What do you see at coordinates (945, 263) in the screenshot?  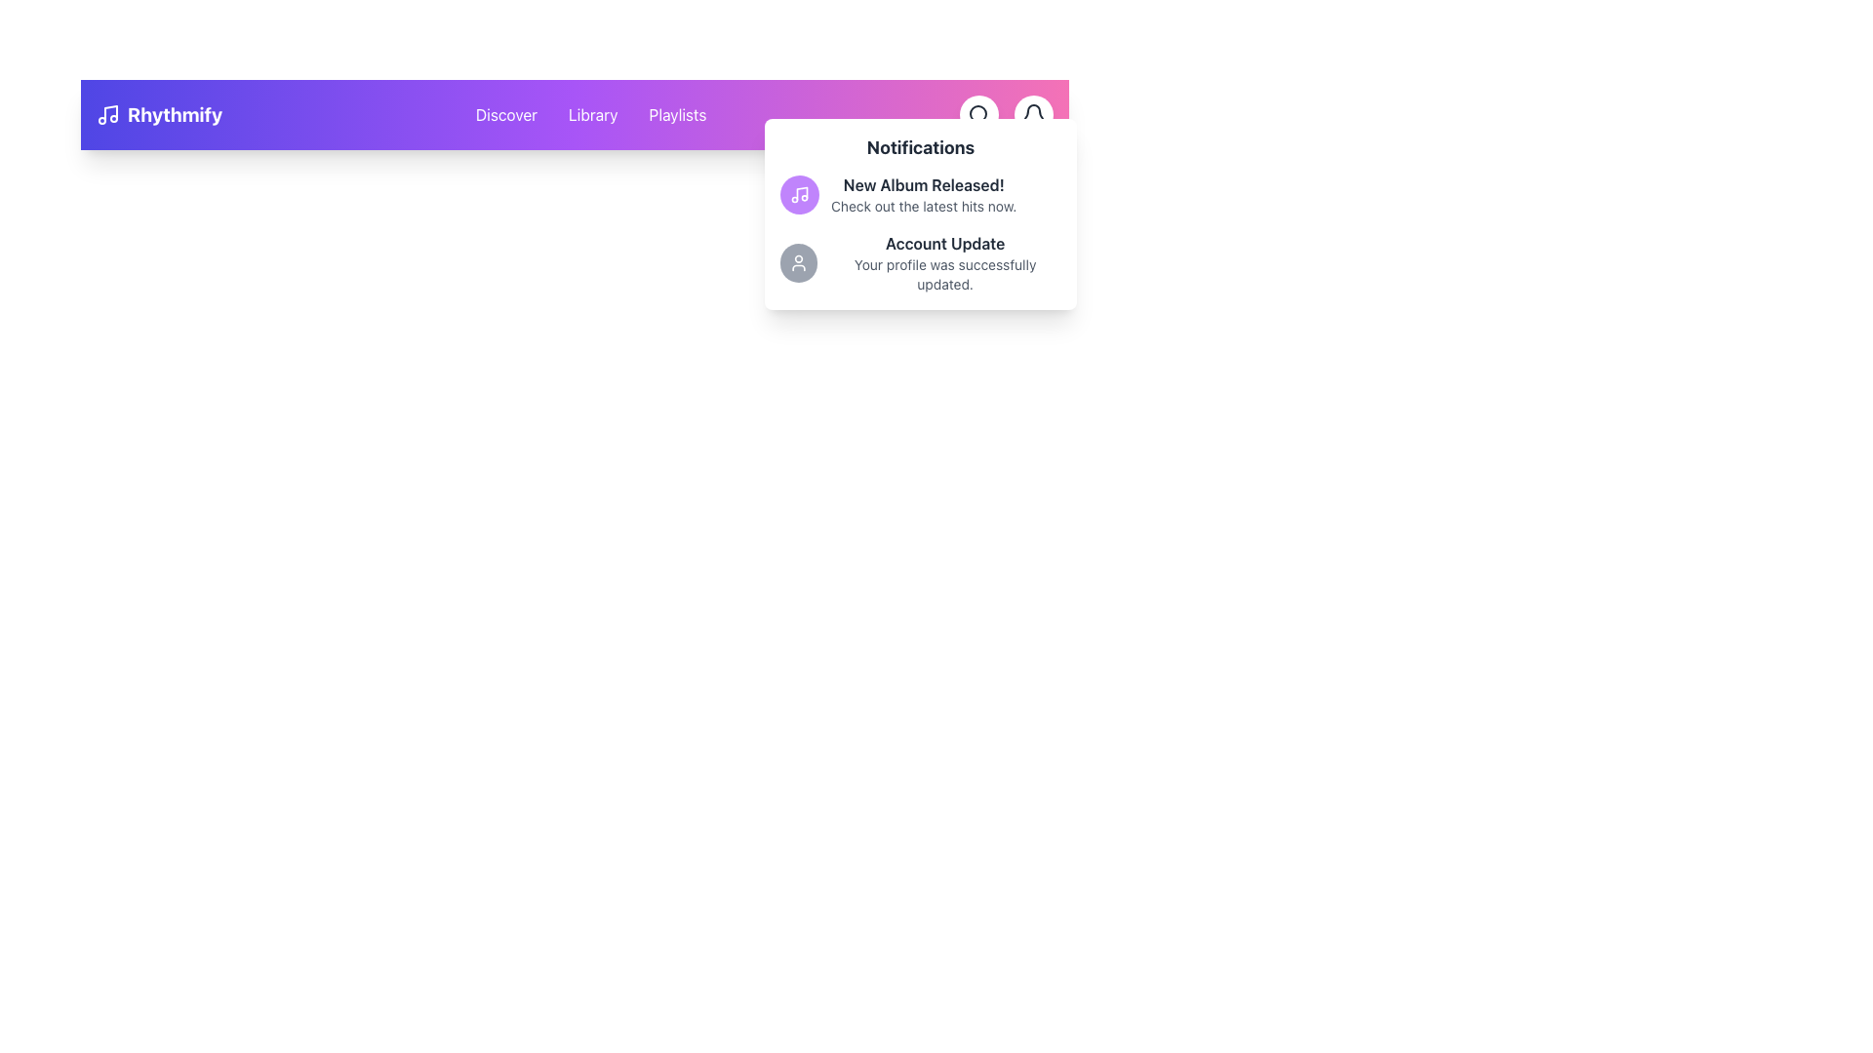 I see `the static text content that notifies the user about a successful profile update, which is the second notification entry beneath the 'New Album Released!' notification` at bounding box center [945, 263].